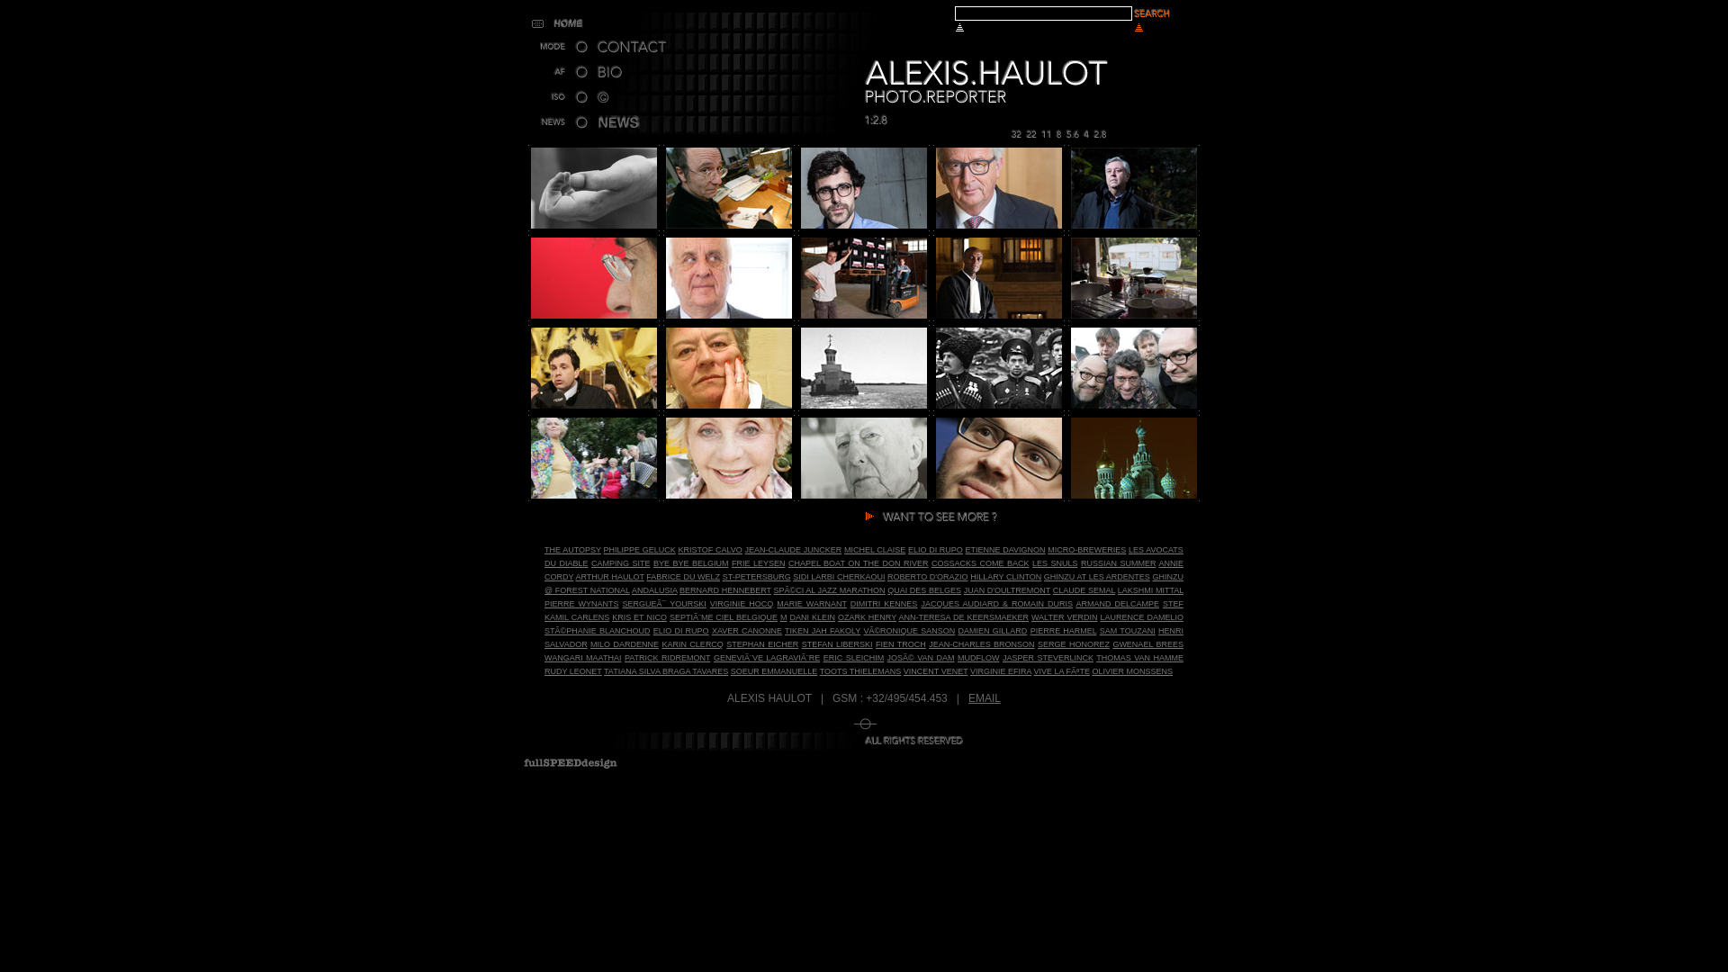 Image resolution: width=1728 pixels, height=972 pixels. What do you see at coordinates (1030, 630) in the screenshot?
I see `'PIERRE HARMEL'` at bounding box center [1030, 630].